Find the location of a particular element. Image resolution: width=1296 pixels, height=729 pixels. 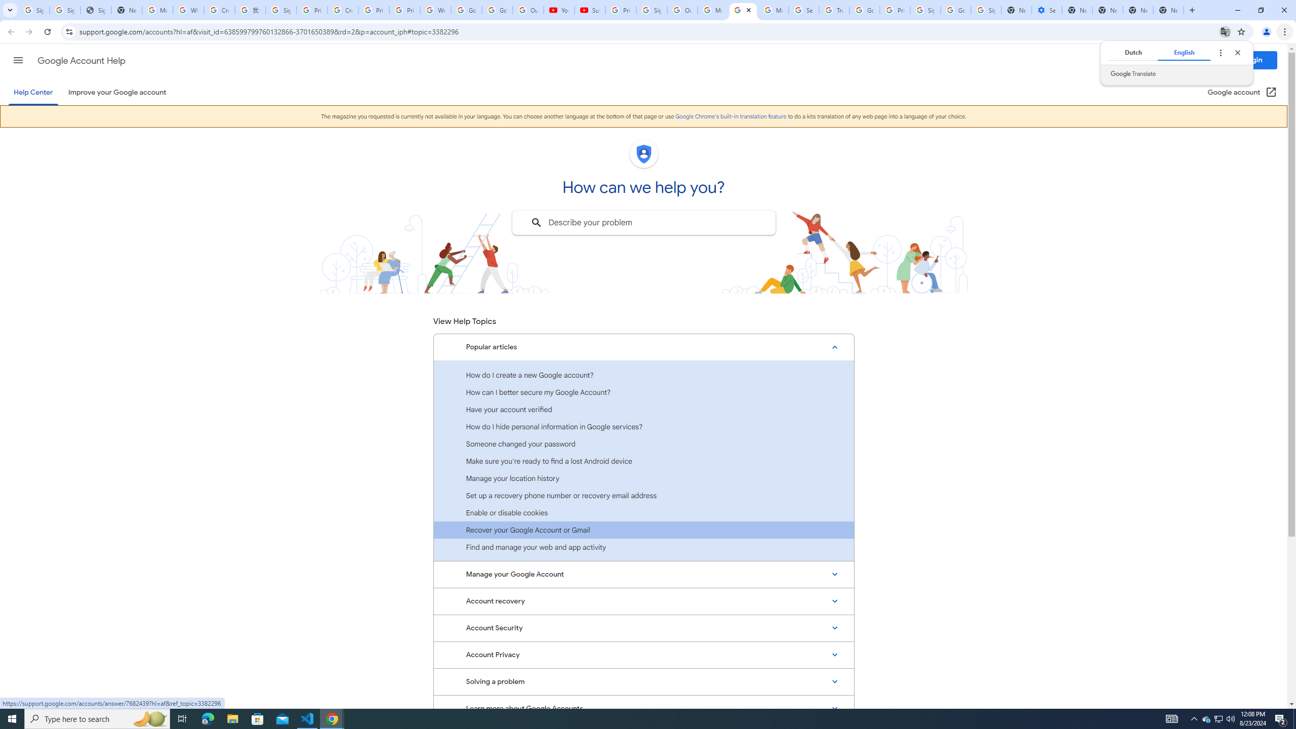

'Settings - Performance' is located at coordinates (1046, 10).